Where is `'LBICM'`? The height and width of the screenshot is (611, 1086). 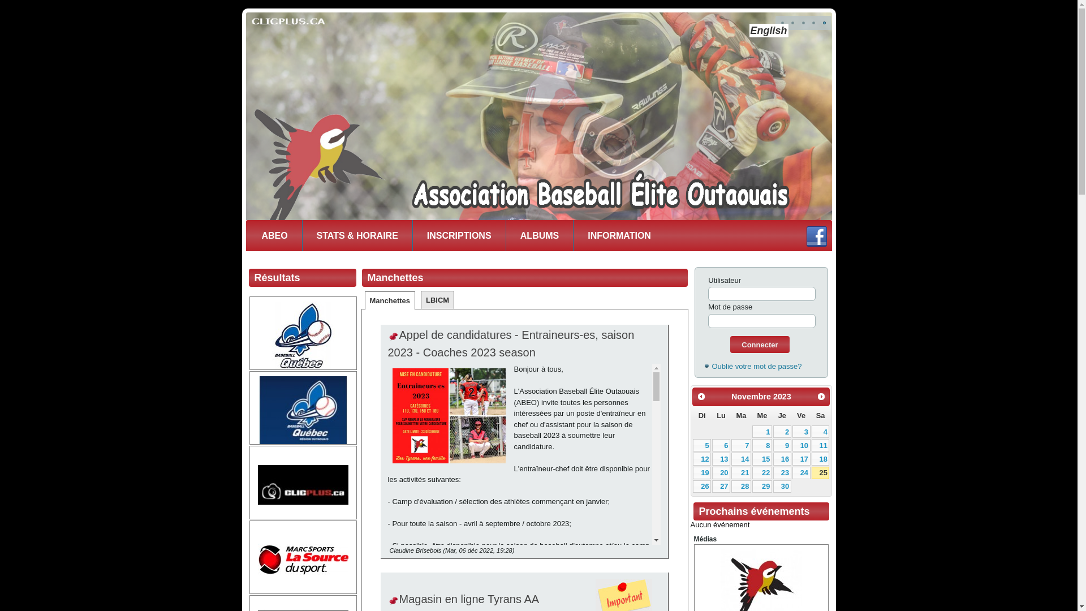
'LBICM' is located at coordinates (437, 299).